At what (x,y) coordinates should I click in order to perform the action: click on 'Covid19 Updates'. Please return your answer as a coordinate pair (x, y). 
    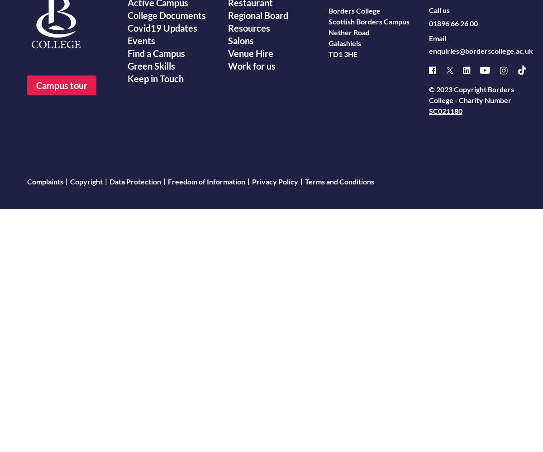
    Looking at the image, I should click on (162, 28).